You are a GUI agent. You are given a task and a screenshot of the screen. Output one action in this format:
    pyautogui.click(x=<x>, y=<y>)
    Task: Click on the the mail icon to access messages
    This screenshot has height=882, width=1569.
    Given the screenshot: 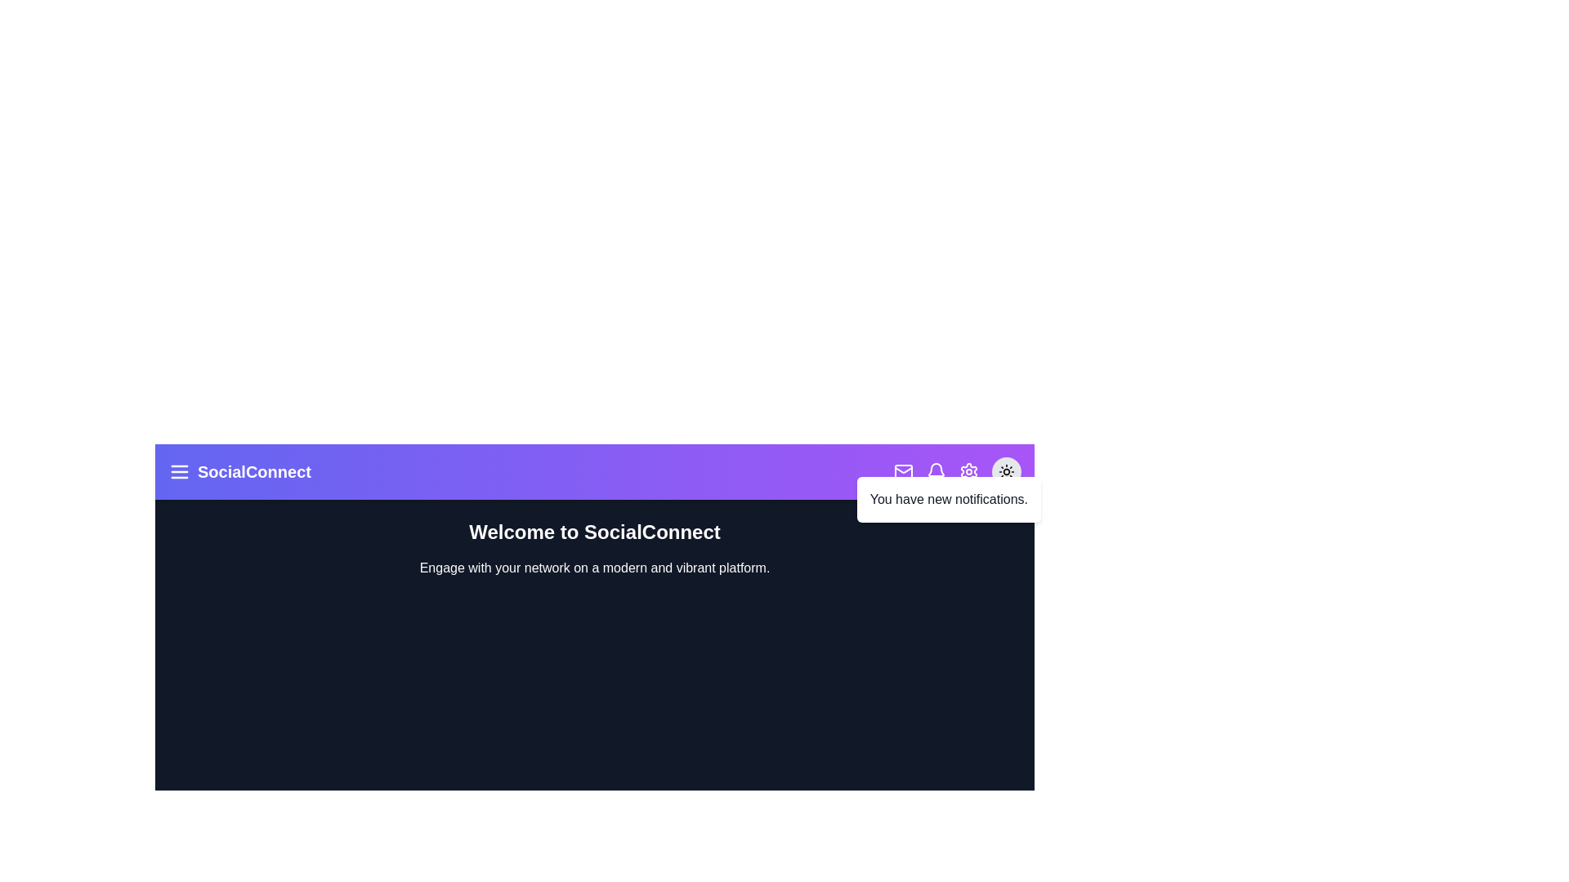 What is the action you would take?
    pyautogui.click(x=902, y=472)
    